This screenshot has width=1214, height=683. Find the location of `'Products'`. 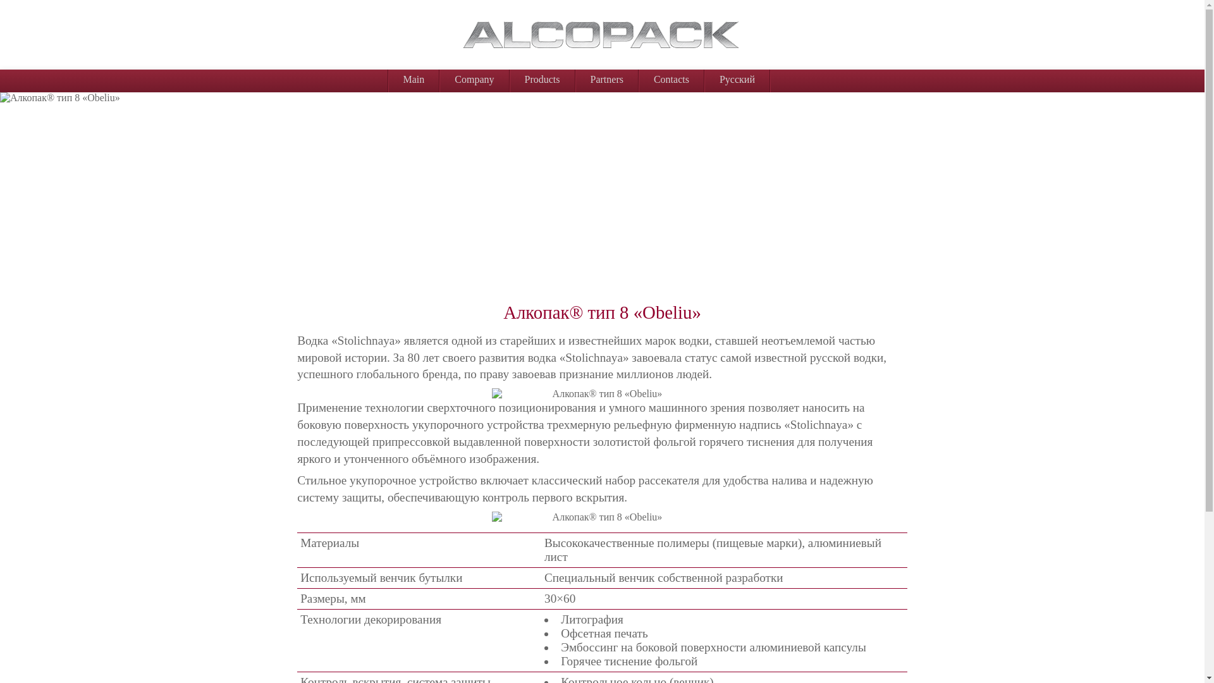

'Products' is located at coordinates (510, 80).